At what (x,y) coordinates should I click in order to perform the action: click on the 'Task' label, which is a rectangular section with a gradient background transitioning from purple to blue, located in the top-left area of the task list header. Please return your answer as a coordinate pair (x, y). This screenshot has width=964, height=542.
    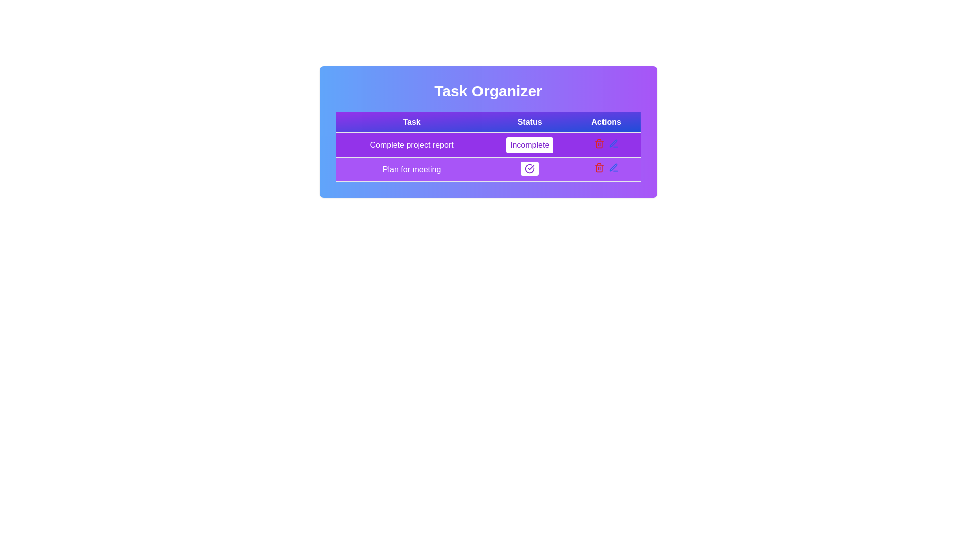
    Looking at the image, I should click on (412, 122).